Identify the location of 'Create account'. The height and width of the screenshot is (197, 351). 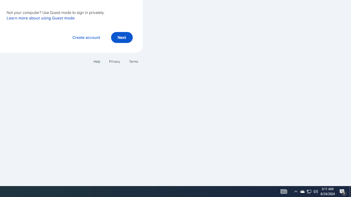
(86, 37).